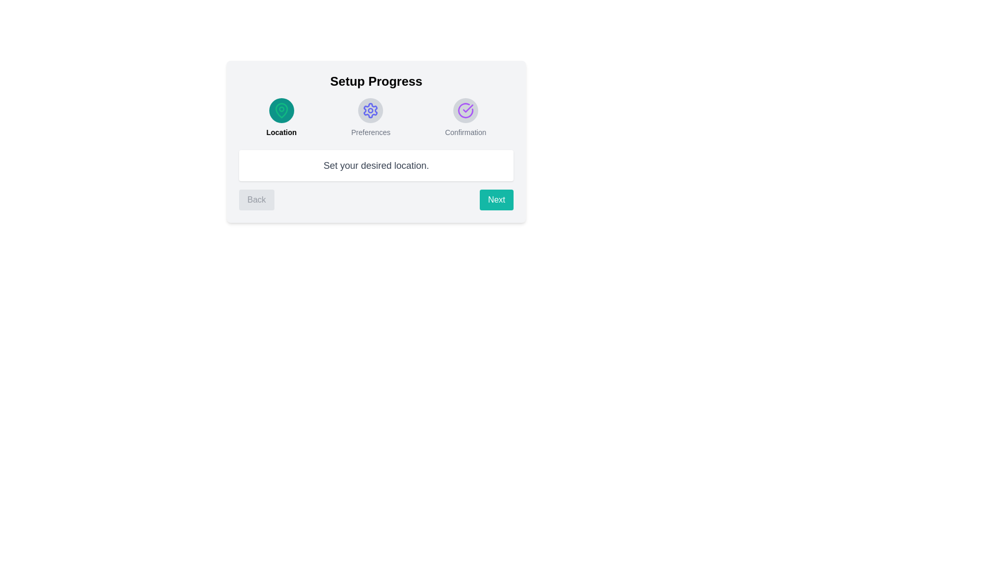 This screenshot has width=998, height=561. I want to click on the 'Next' button to proceed to the next step, so click(496, 200).